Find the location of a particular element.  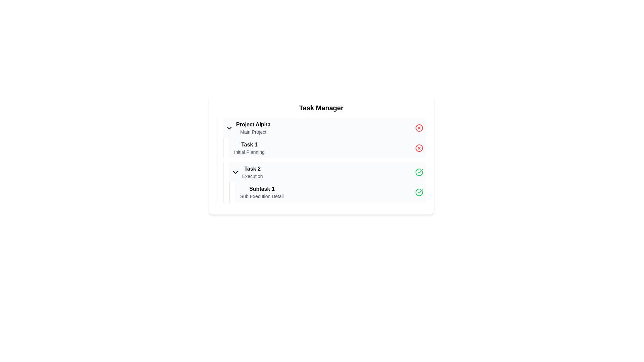

the 'Task 1' text label, which is the first task item under 'Project Alpha' in the tasks list, featuring bold text and a light-gray background is located at coordinates (248, 148).